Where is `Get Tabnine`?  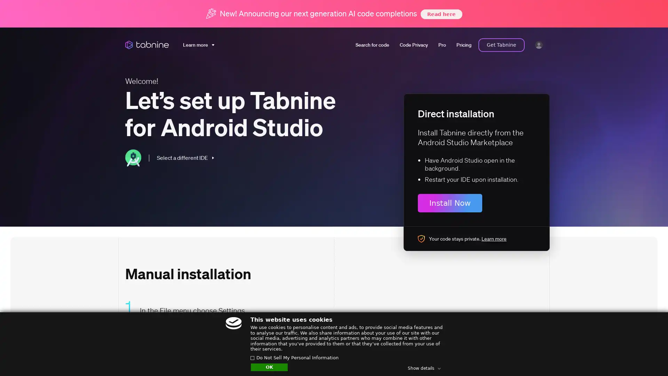
Get Tabnine is located at coordinates (501, 45).